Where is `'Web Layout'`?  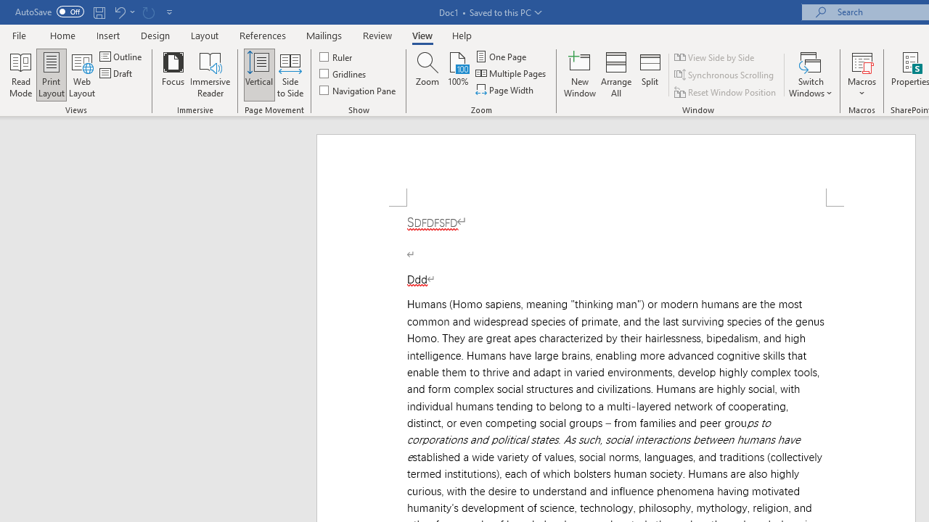
'Web Layout' is located at coordinates (81, 75).